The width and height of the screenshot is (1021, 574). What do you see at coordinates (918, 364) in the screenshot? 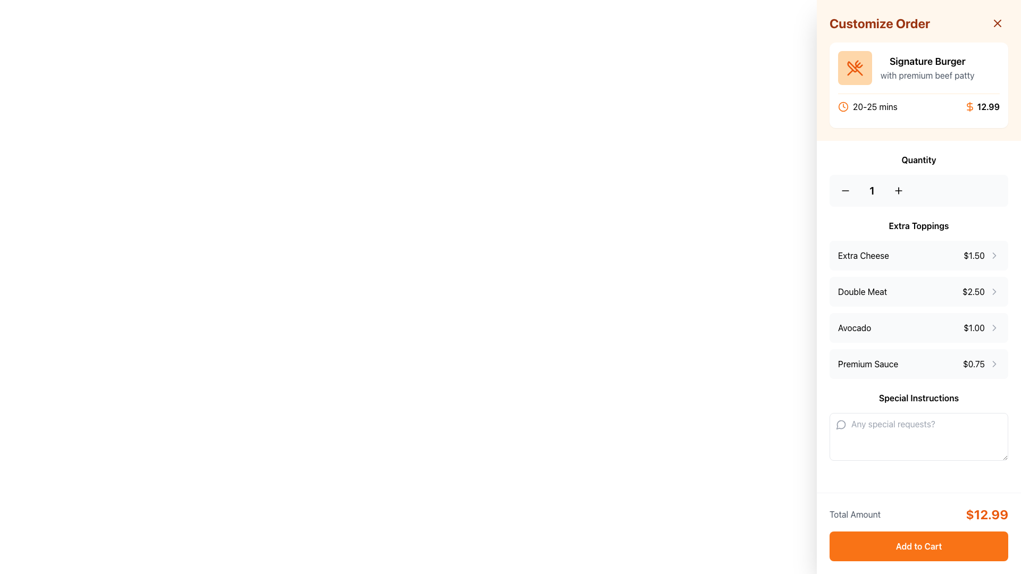
I see `the fourth item in the 'Extra Toppings' list, which represents the 'Premium Sauce' topping option priced at $0.75` at bounding box center [918, 364].